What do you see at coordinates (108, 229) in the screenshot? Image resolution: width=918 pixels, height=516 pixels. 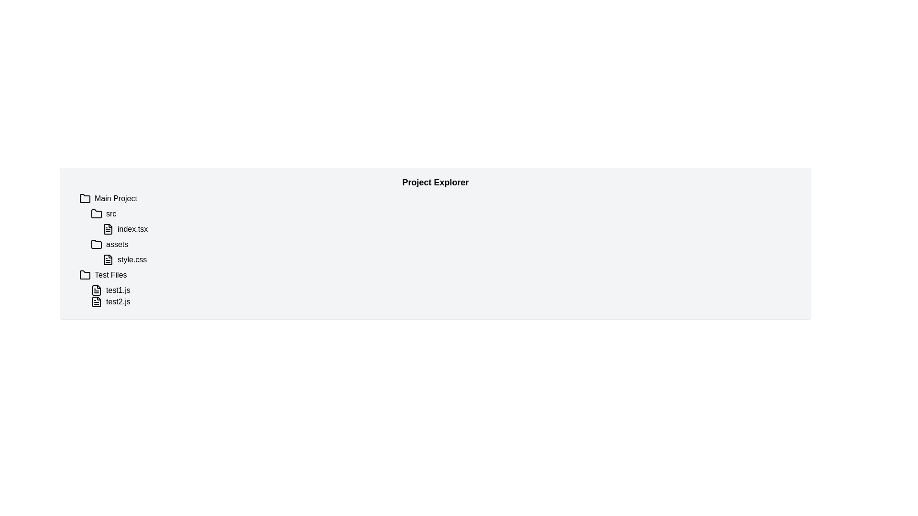 I see `the icon resembling a document with lines of text, which is positioned to the left of the 'index.tsx' text in the 'src' folder of the 'Main Project'` at bounding box center [108, 229].